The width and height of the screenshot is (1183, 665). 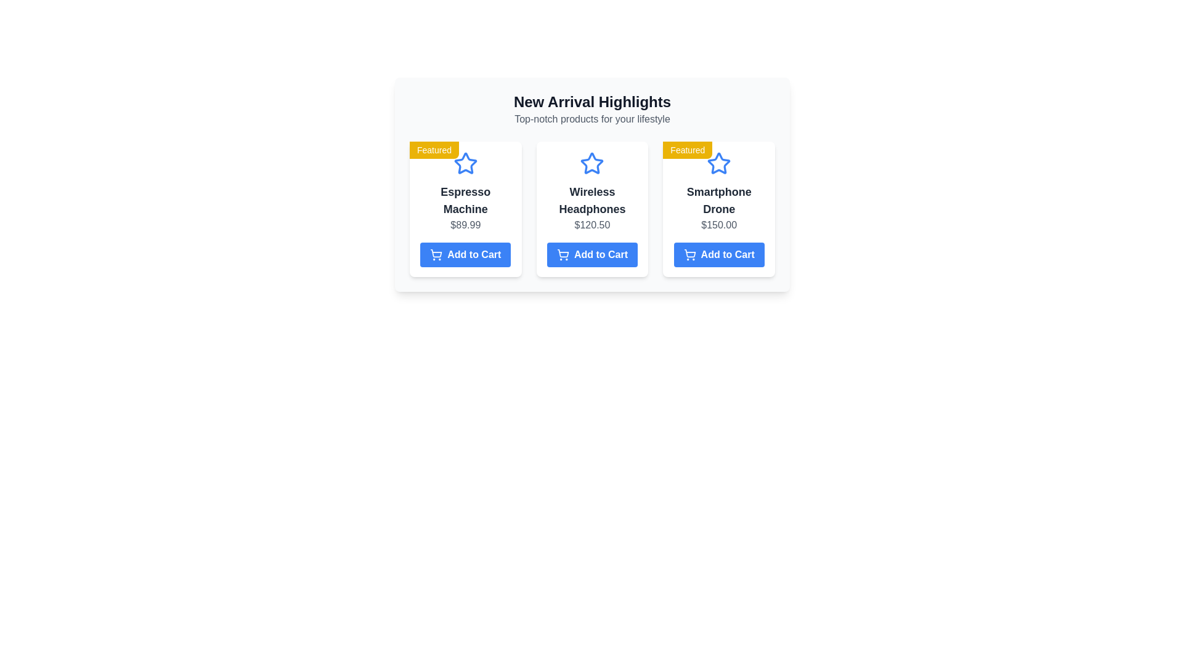 I want to click on the 'Add to Cart' icon located within the second button in the row of three products displayed in a grid format, so click(x=562, y=254).